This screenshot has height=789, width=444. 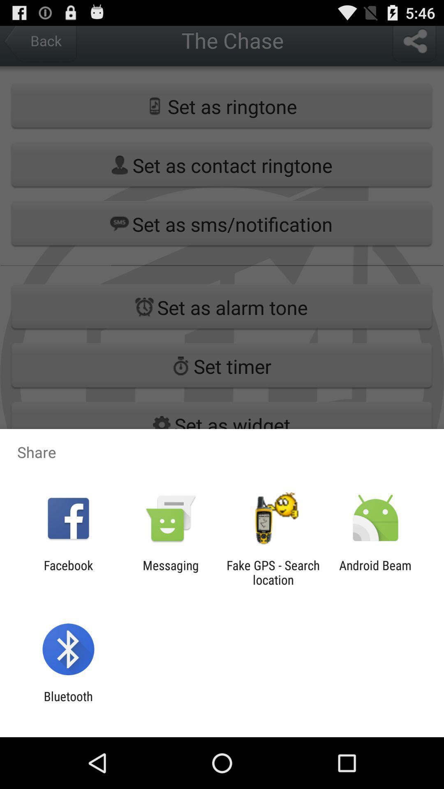 What do you see at coordinates (170, 572) in the screenshot?
I see `the item next to the fake gps search icon` at bounding box center [170, 572].